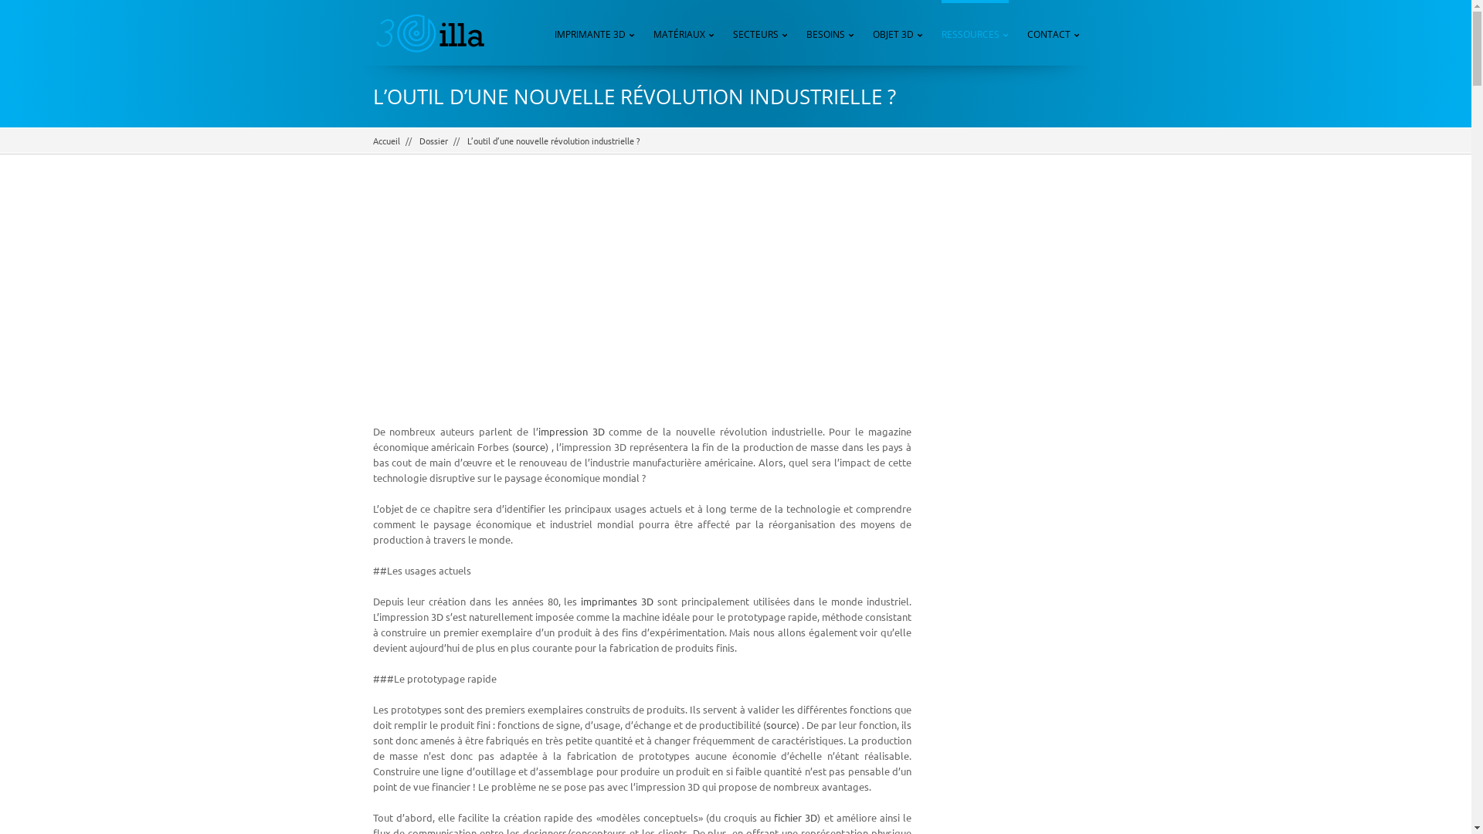 This screenshot has width=1483, height=834. I want to click on 'imprimantes 3D', so click(616, 600).